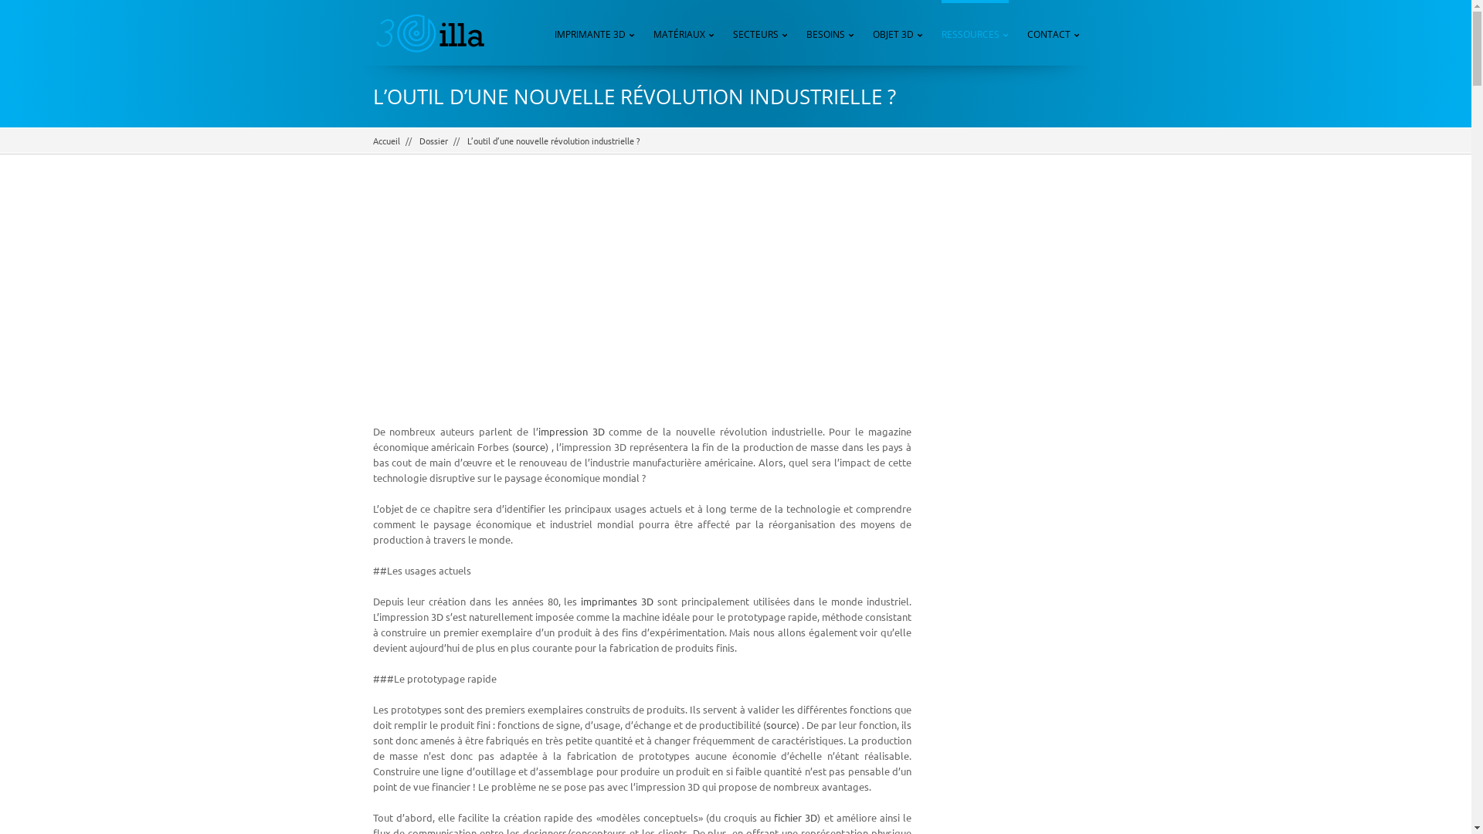 This screenshot has width=1483, height=834. I want to click on 'imprimantes 3D', so click(616, 600).